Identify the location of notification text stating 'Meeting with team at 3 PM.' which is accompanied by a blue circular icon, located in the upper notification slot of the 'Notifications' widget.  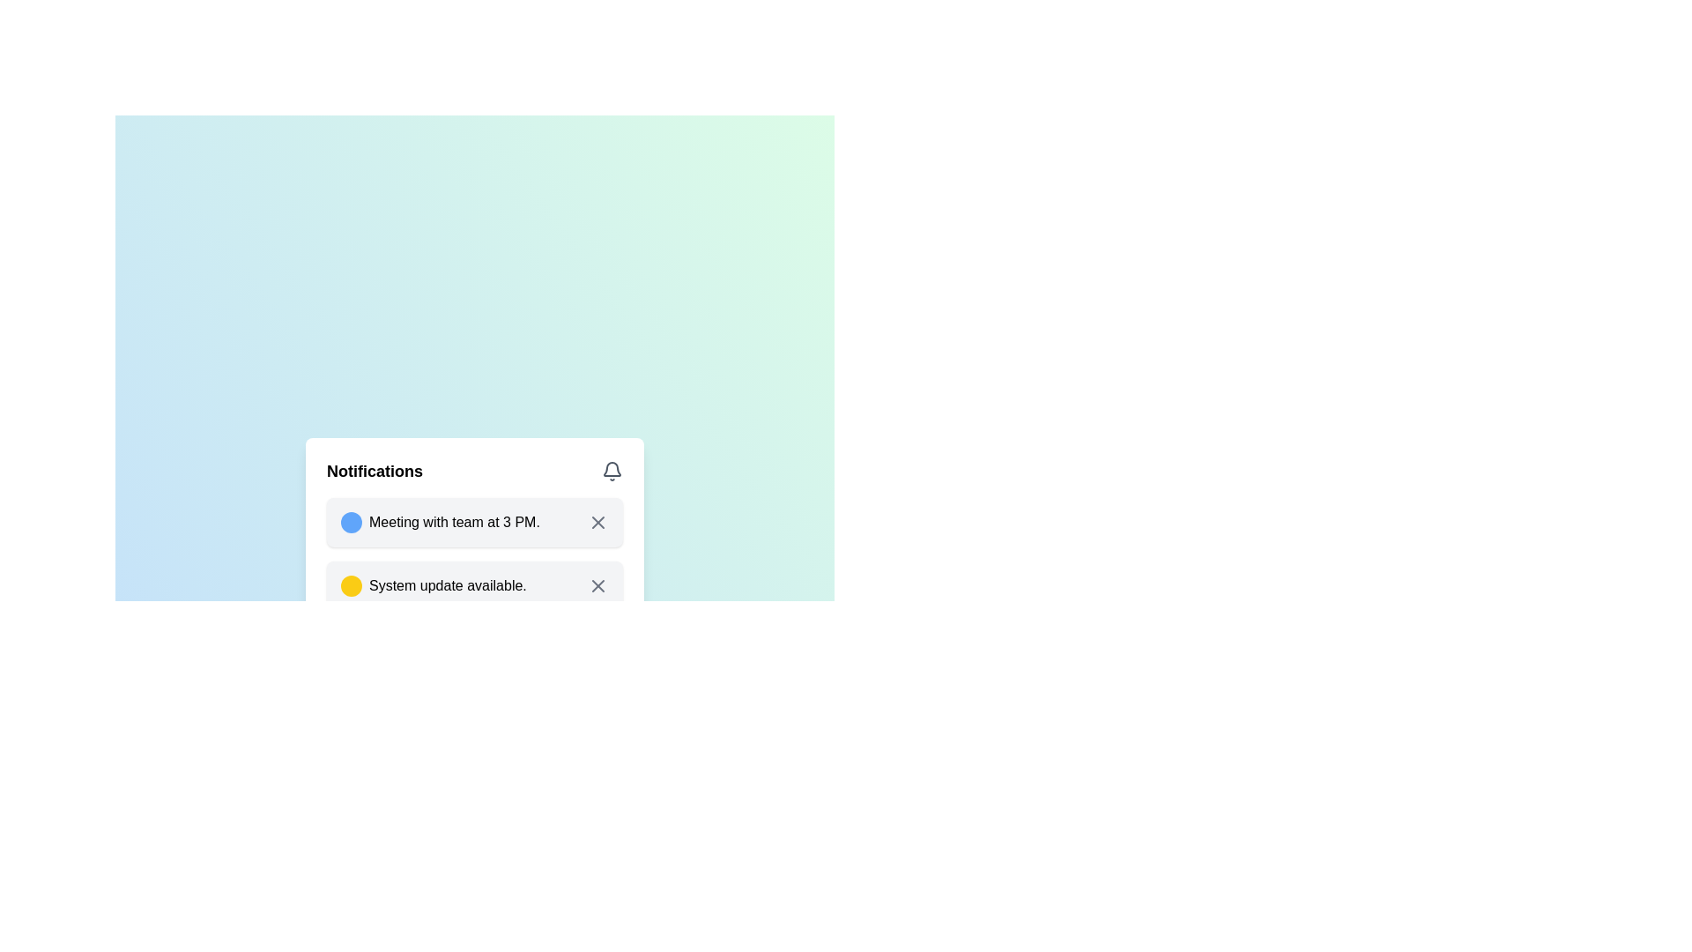
(440, 522).